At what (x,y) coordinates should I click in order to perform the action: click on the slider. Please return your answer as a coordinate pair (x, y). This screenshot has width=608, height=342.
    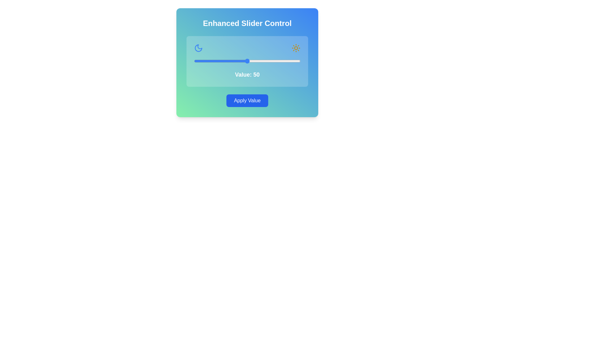
    Looking at the image, I should click on (220, 61).